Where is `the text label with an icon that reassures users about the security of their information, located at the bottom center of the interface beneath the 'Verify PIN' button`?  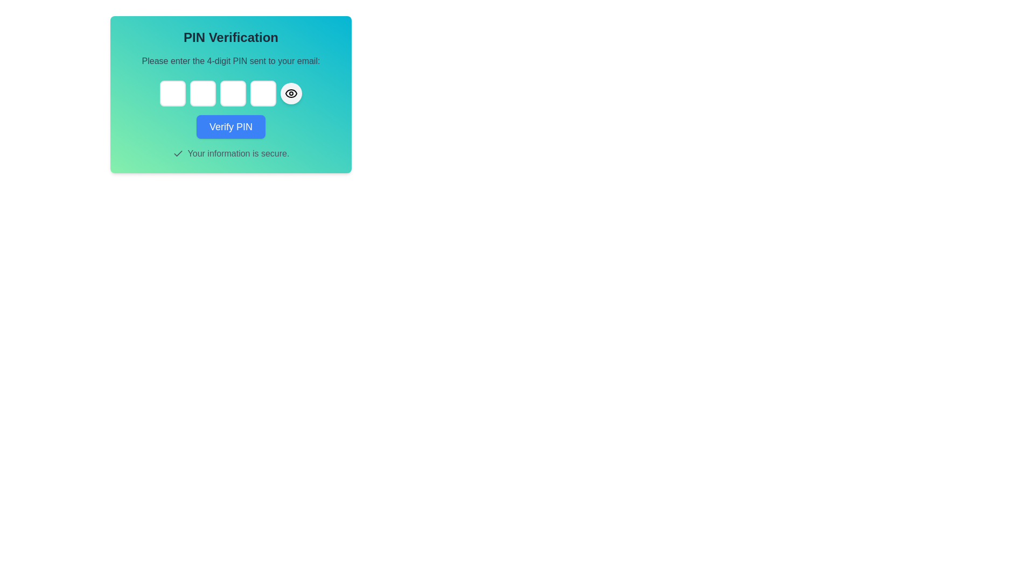
the text label with an icon that reassures users about the security of their information, located at the bottom center of the interface beneath the 'Verify PIN' button is located at coordinates (230, 153).